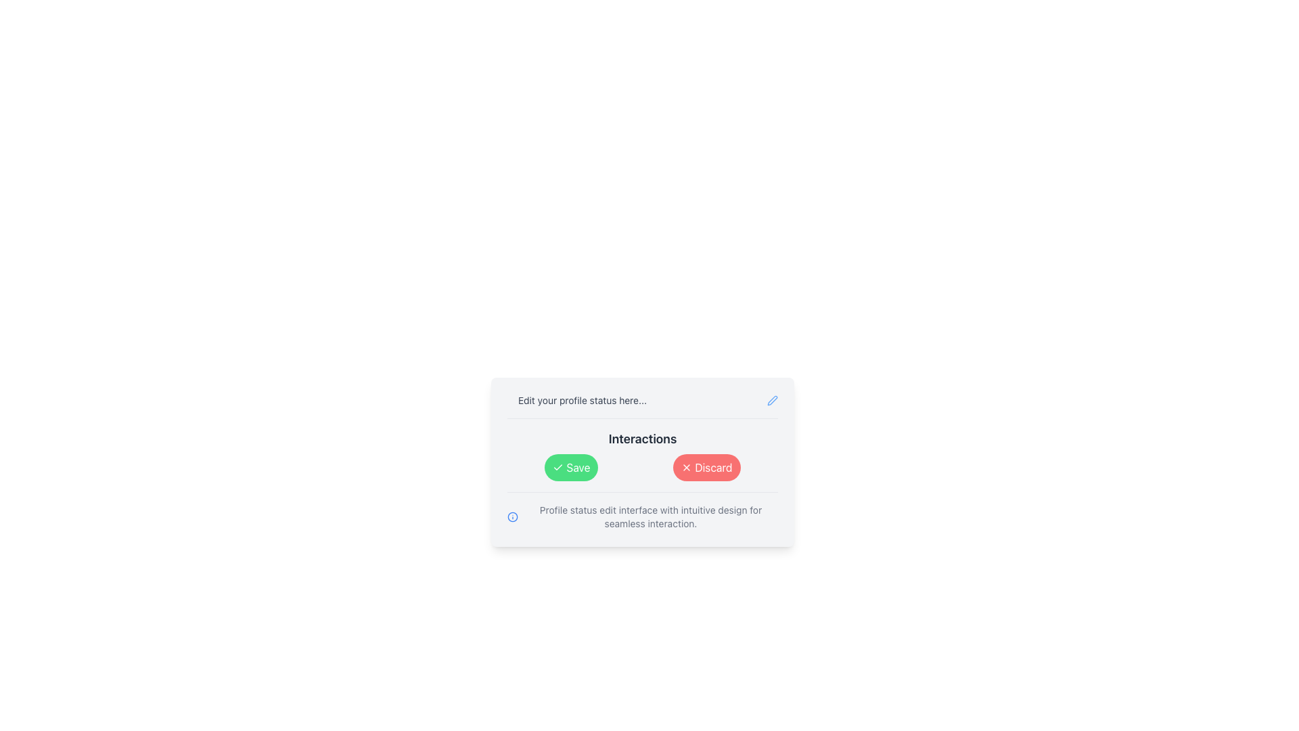 The image size is (1299, 731). I want to click on informational text containing the message 'Profile status edit interface with intuitive design for seamless interaction.' that is displayed next to the information icon at the bottom of the section with save and discard buttons, so click(642, 516).